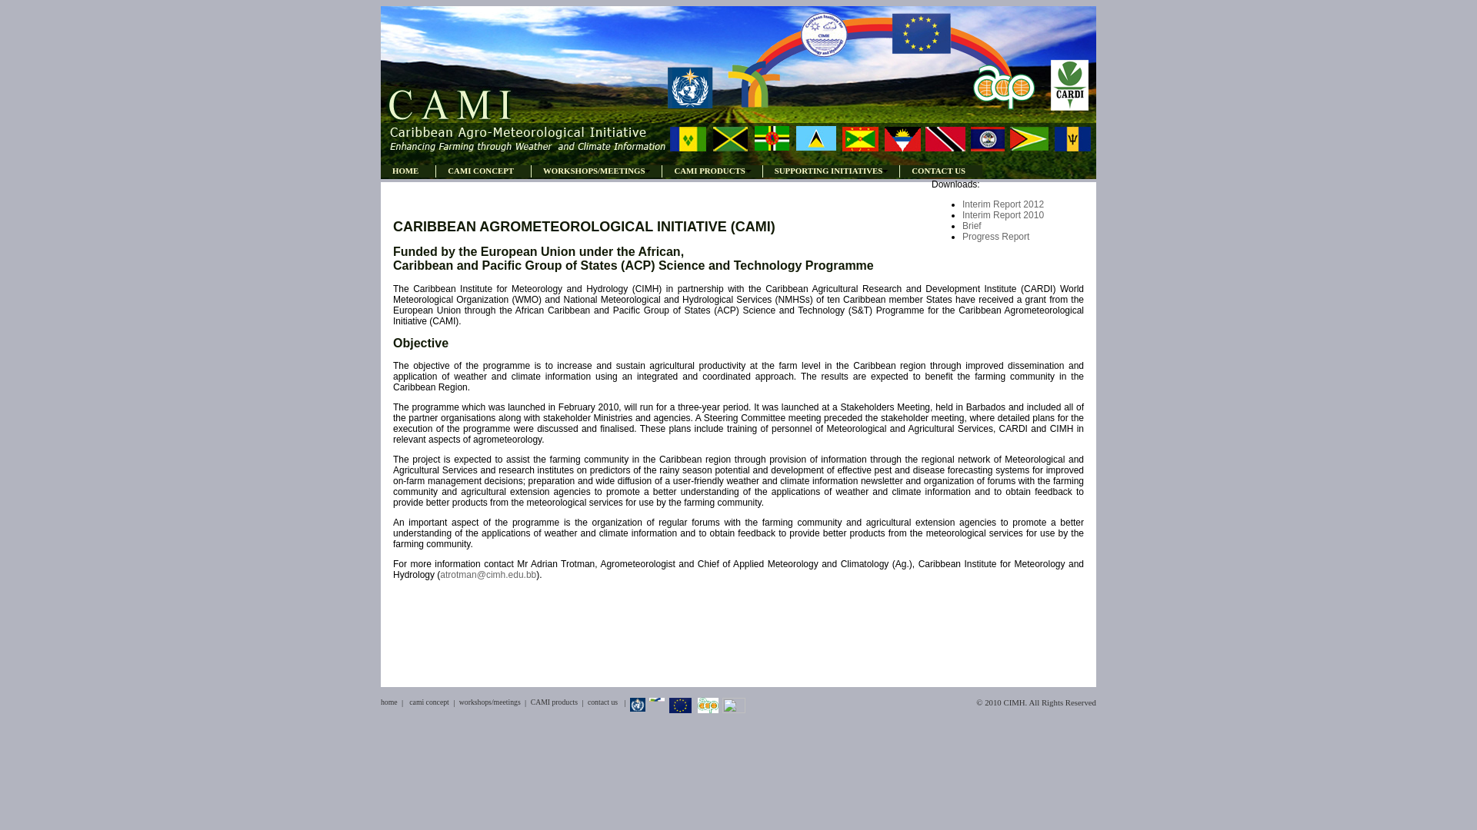  What do you see at coordinates (531, 171) in the screenshot?
I see `'WORKSHOPS/MEETINGS'` at bounding box center [531, 171].